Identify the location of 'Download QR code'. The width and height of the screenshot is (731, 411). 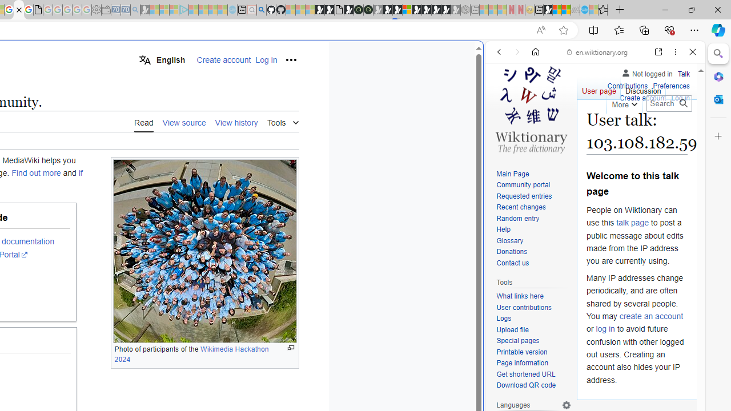
(533, 385).